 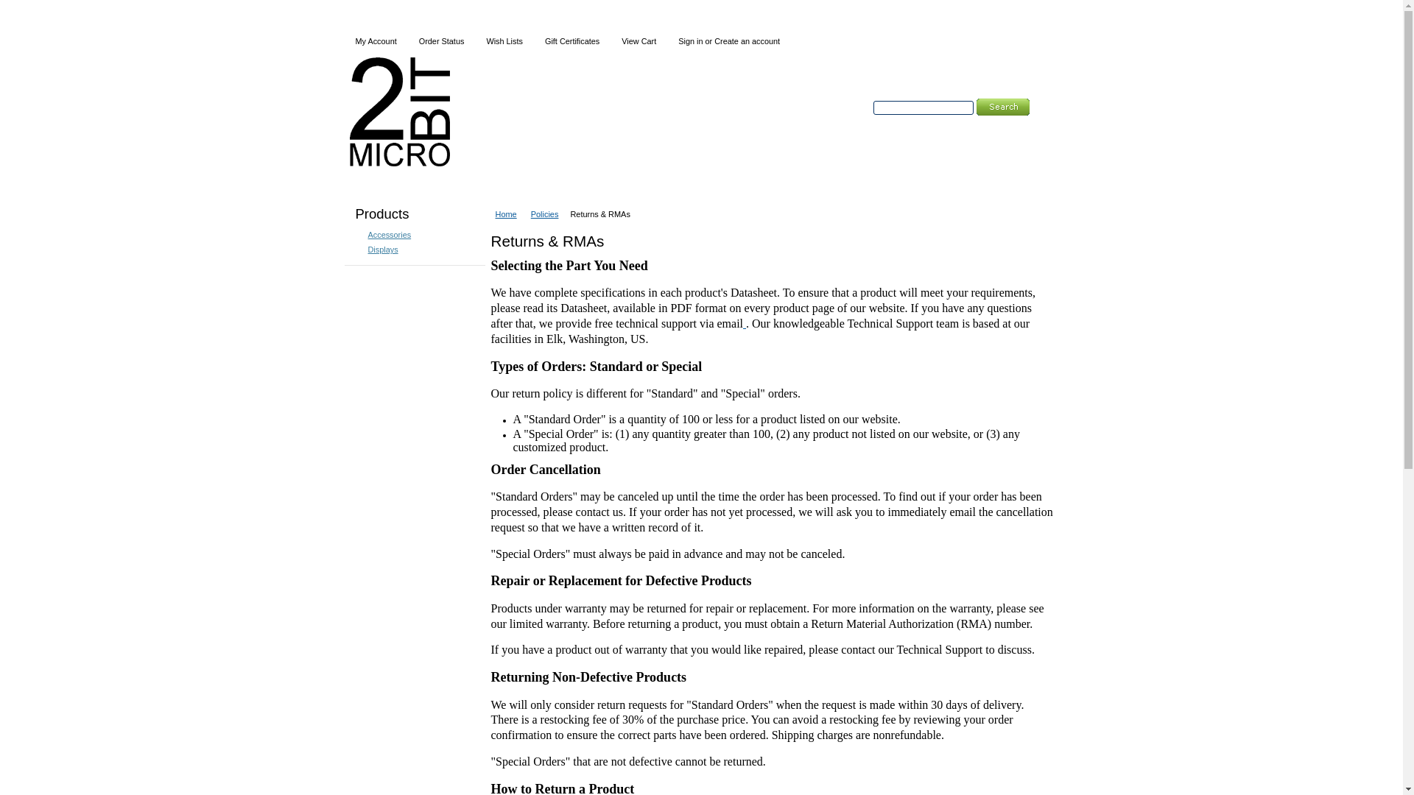 I want to click on 'Policies', so click(x=547, y=213).